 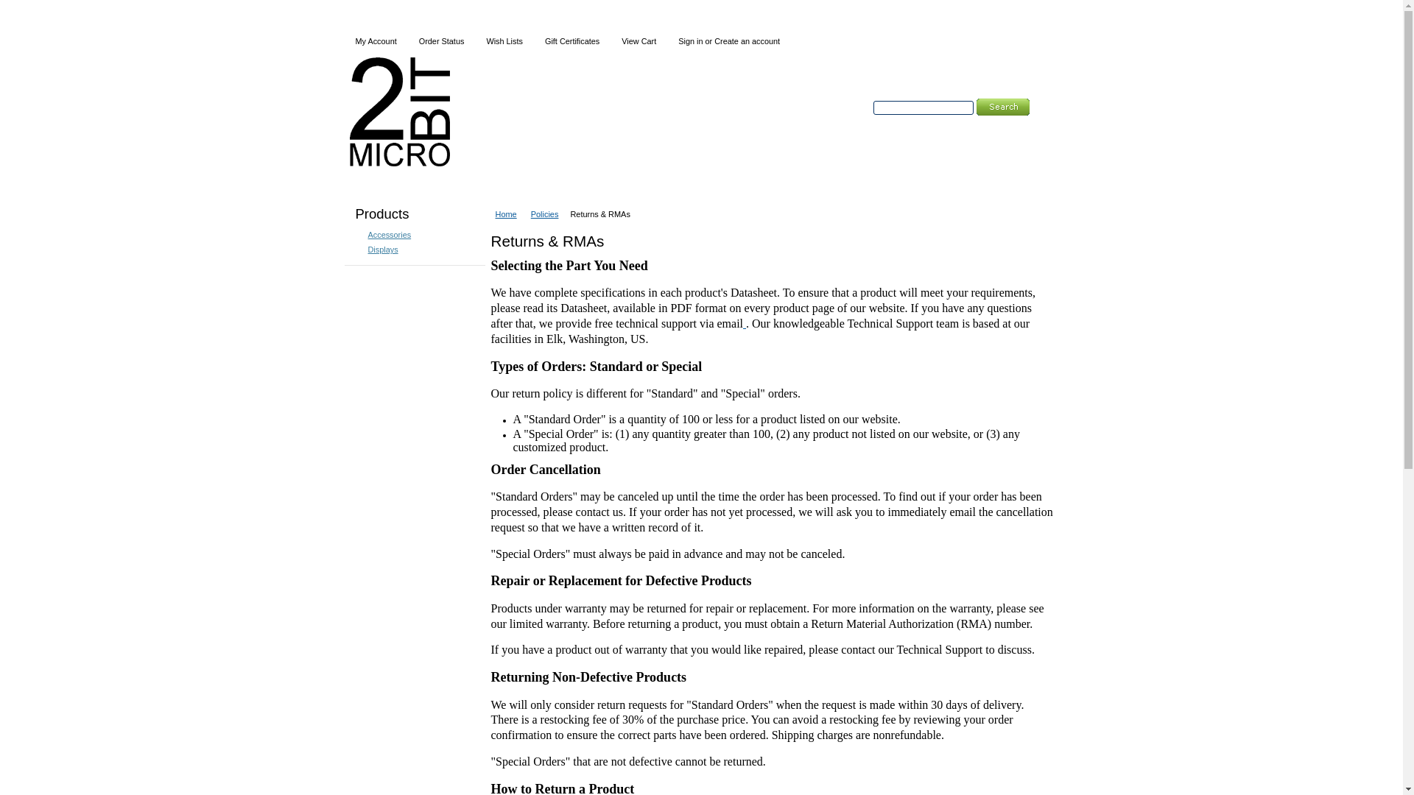 I want to click on 'Policies', so click(x=547, y=213).